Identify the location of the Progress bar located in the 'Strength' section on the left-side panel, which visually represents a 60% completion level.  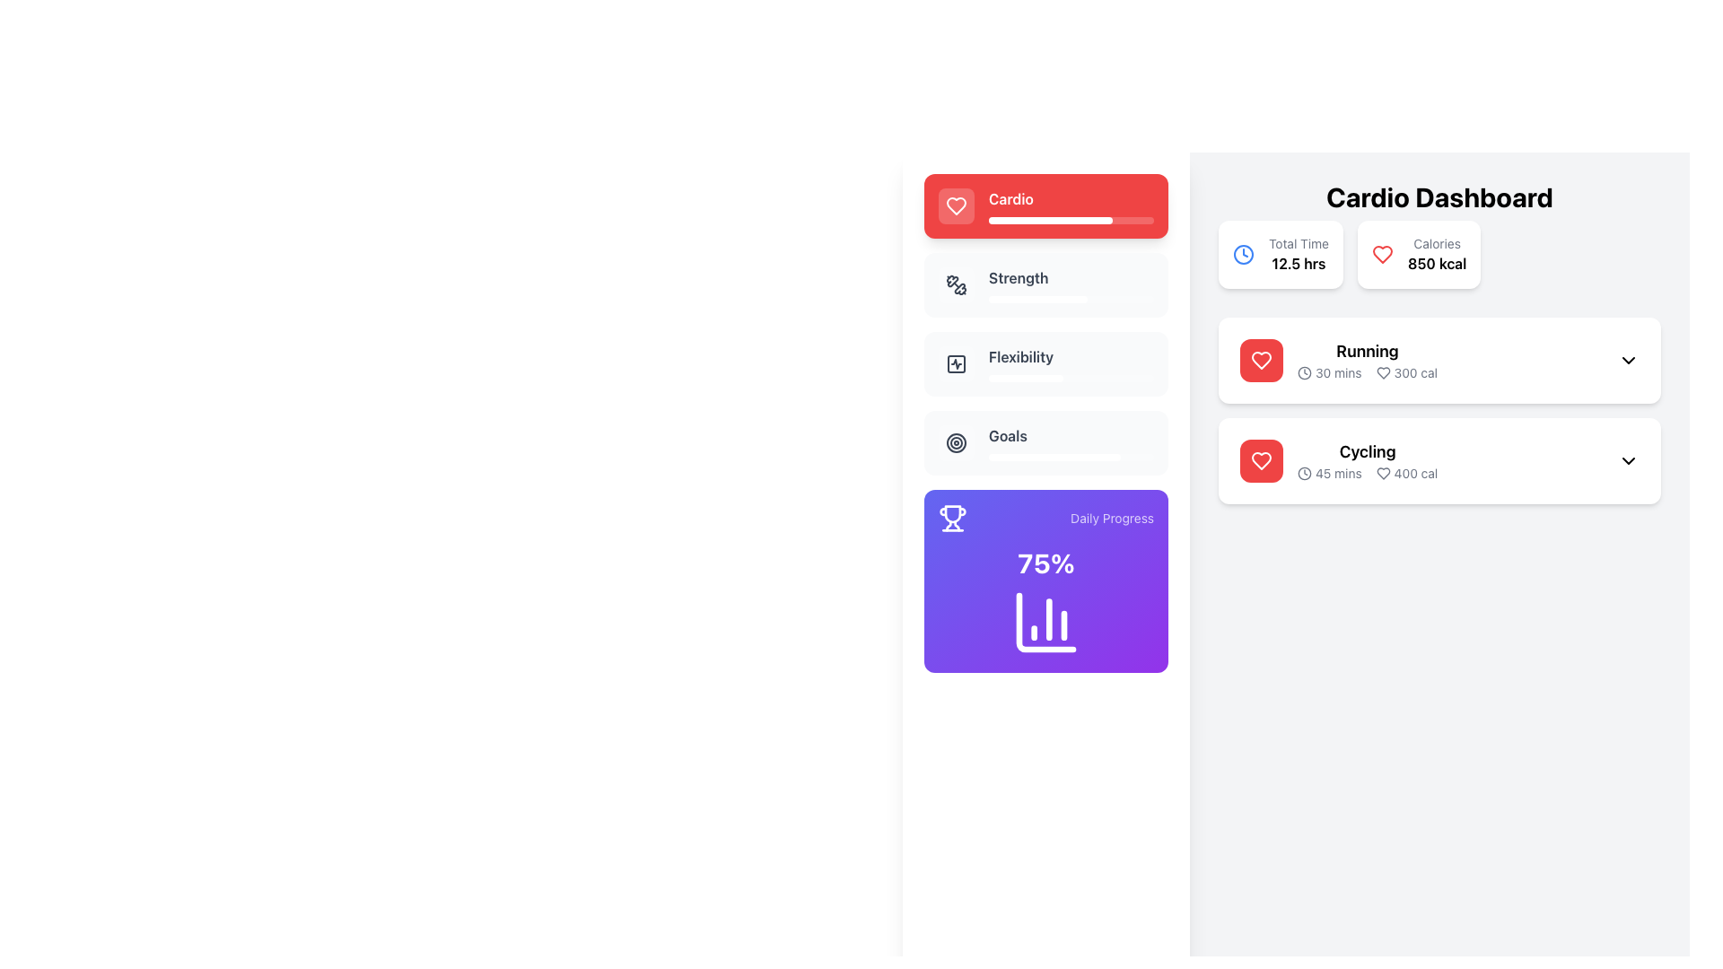
(1038, 299).